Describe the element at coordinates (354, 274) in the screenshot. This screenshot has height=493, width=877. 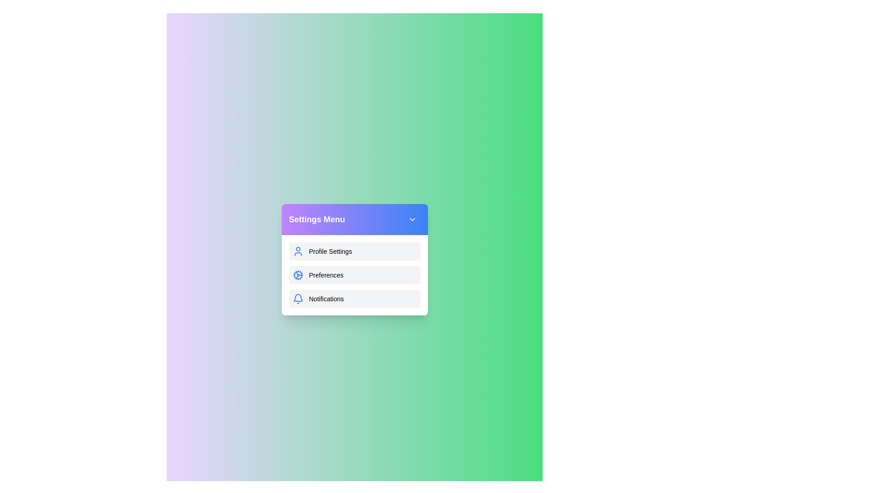
I see `the 'Preferences' menu item` at that location.